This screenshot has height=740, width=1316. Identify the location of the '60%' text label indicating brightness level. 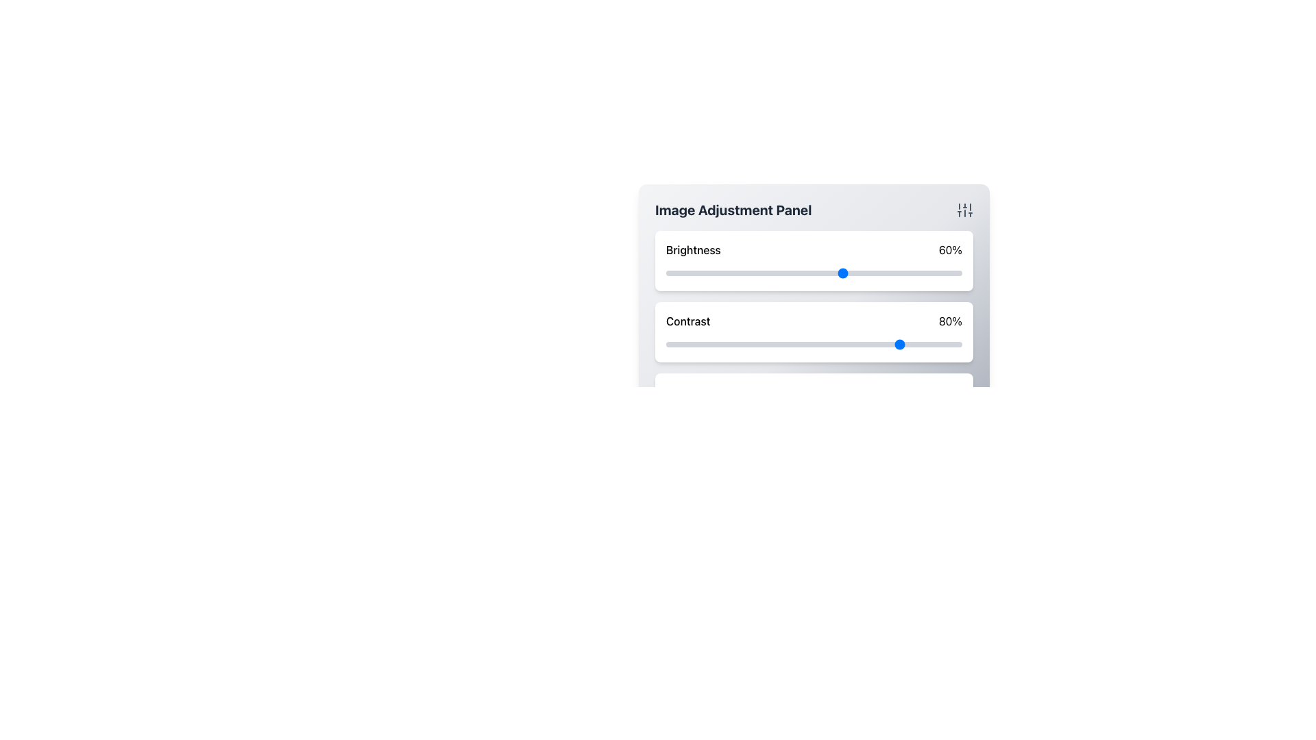
(950, 250).